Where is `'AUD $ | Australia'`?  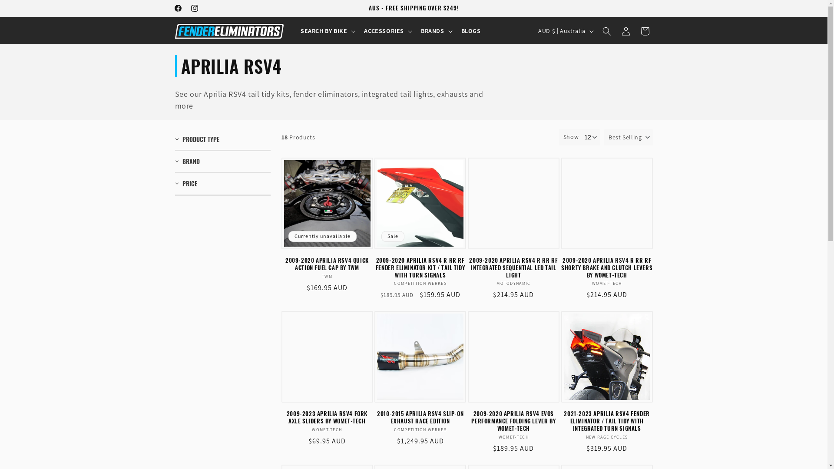 'AUD $ | Australia' is located at coordinates (565, 30).